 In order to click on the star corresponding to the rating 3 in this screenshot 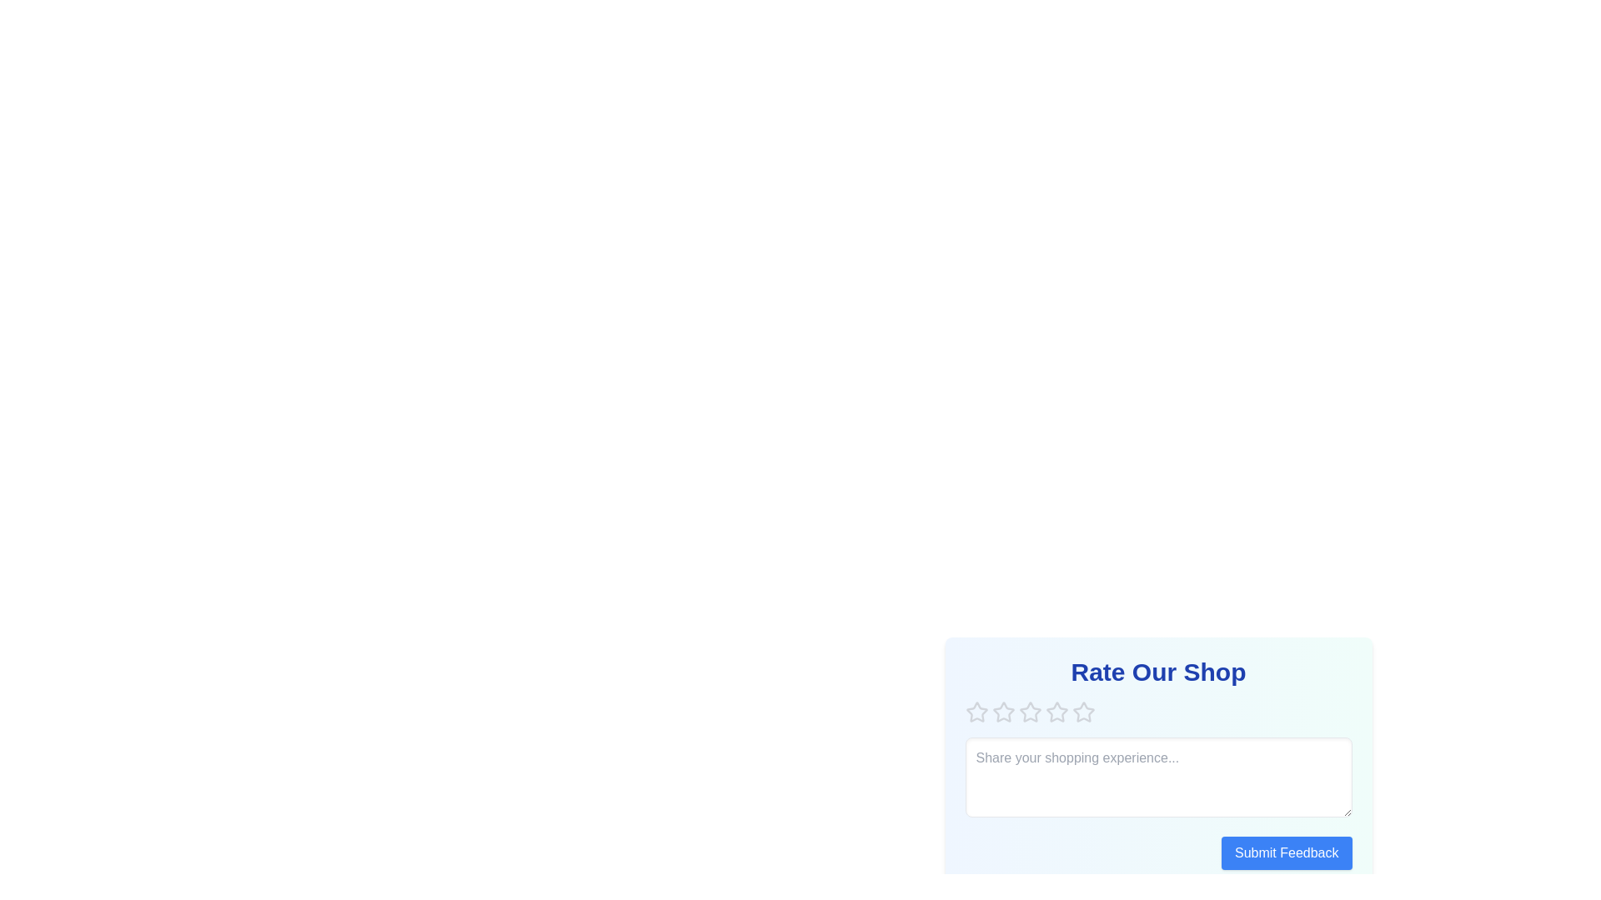, I will do `click(1029, 712)`.